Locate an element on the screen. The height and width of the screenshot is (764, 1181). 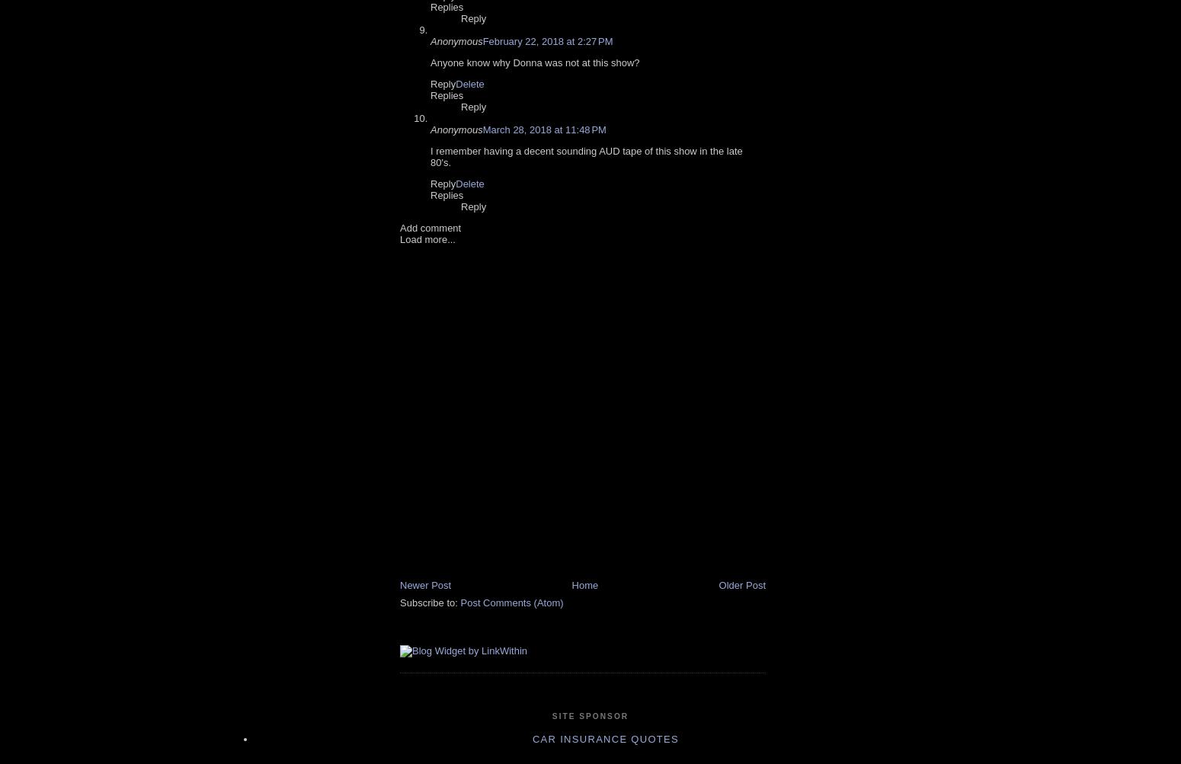
'Newer Post' is located at coordinates (425, 583).